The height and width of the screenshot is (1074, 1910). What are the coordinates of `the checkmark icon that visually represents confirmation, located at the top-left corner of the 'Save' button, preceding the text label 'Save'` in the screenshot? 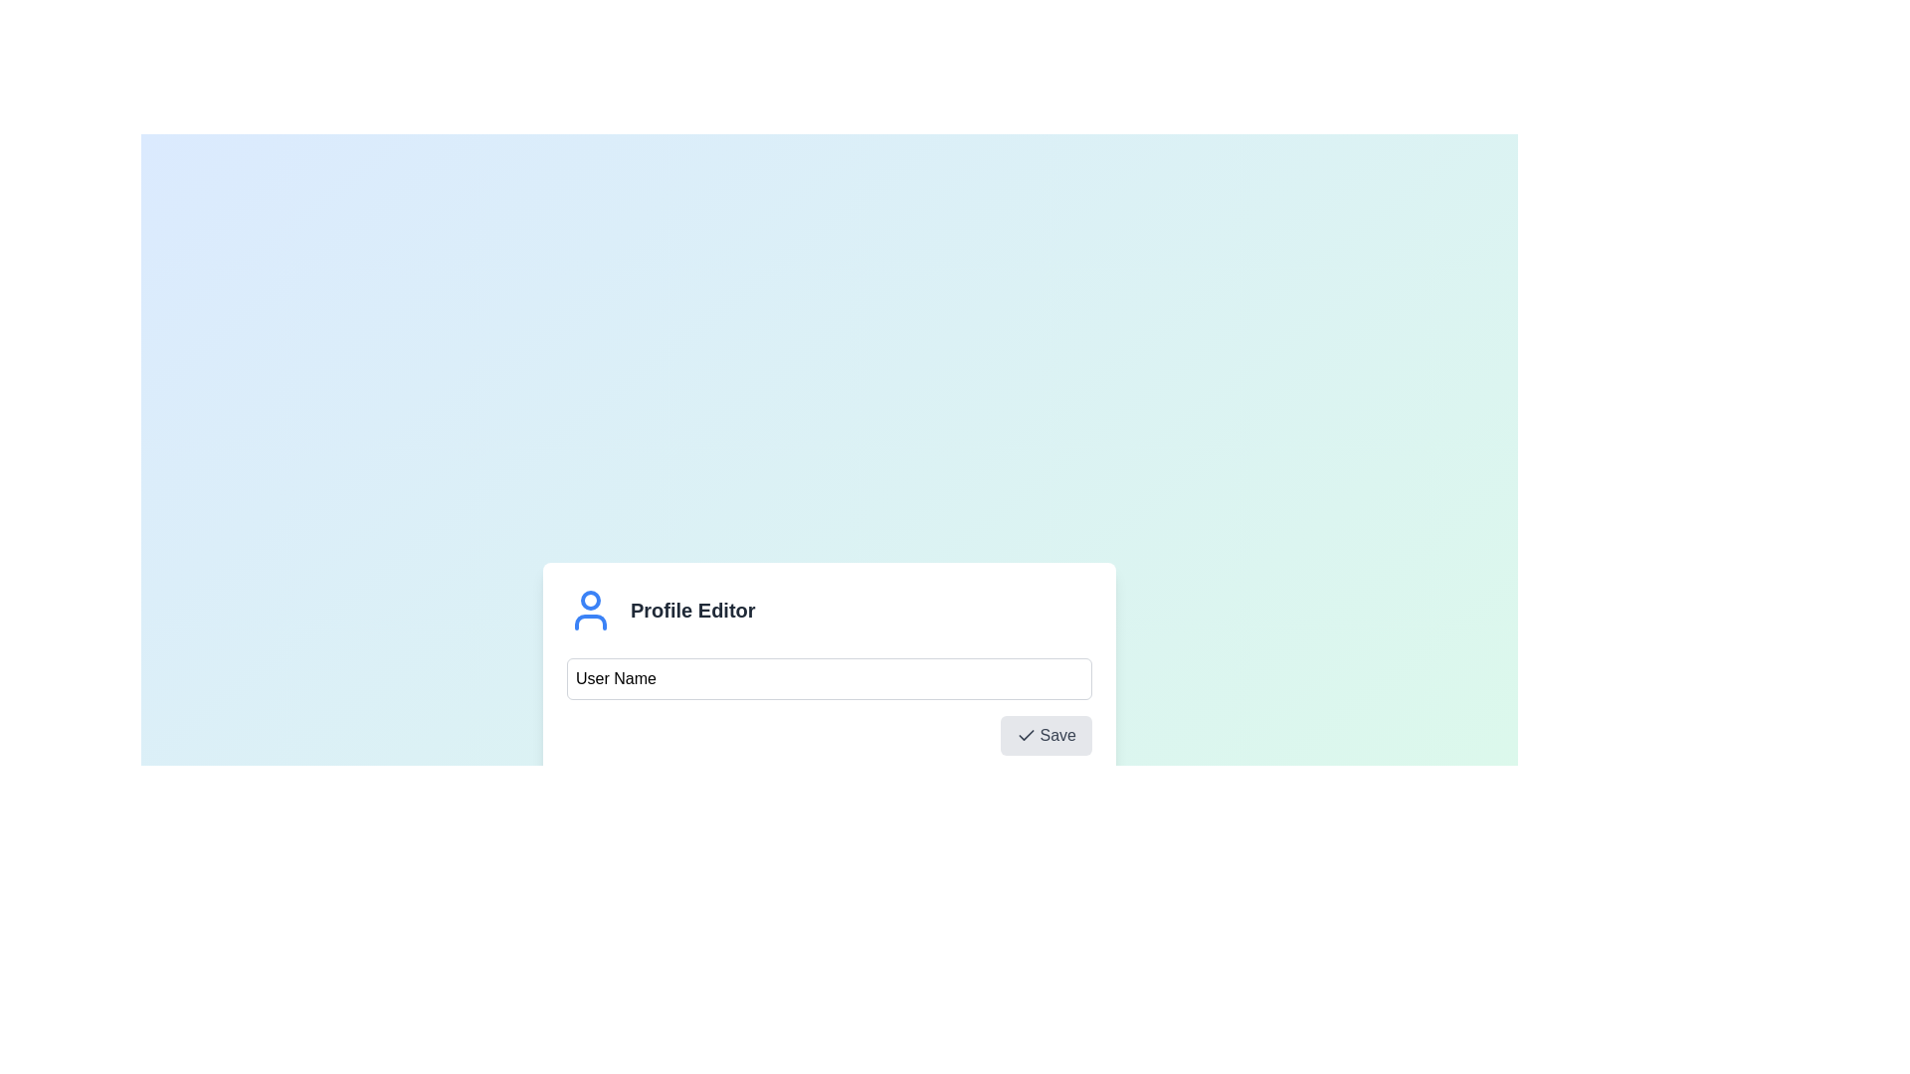 It's located at (1026, 736).